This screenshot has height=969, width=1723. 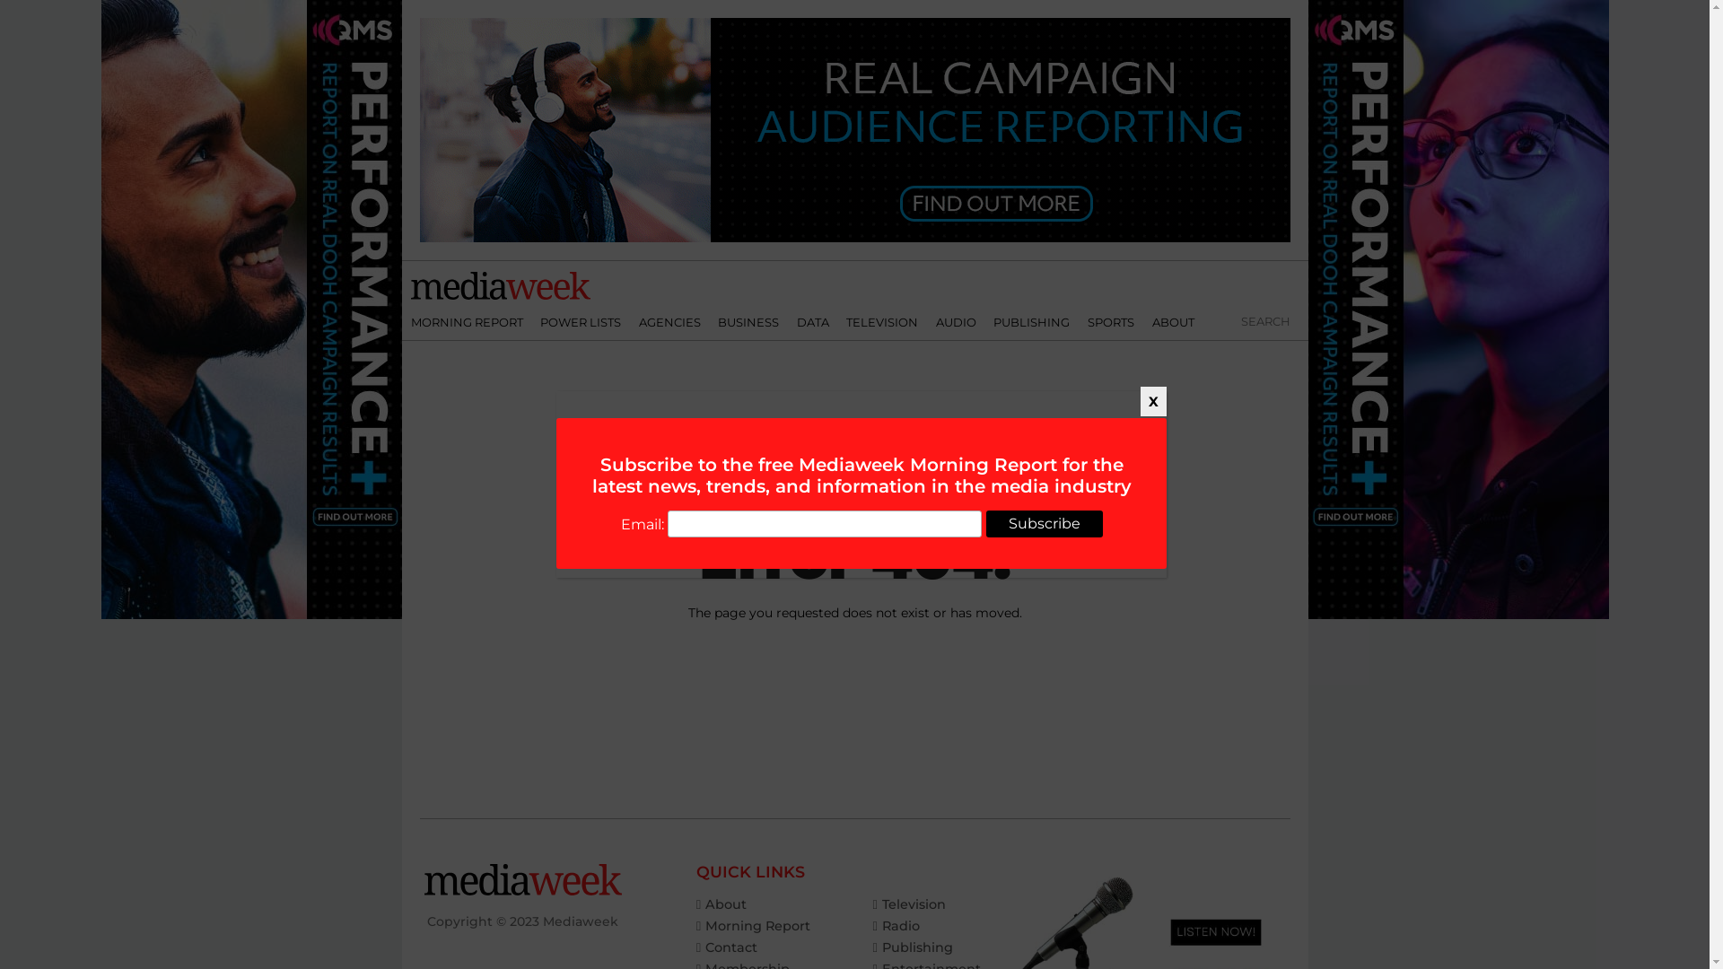 I want to click on 'POWER LISTS', so click(x=581, y=320).